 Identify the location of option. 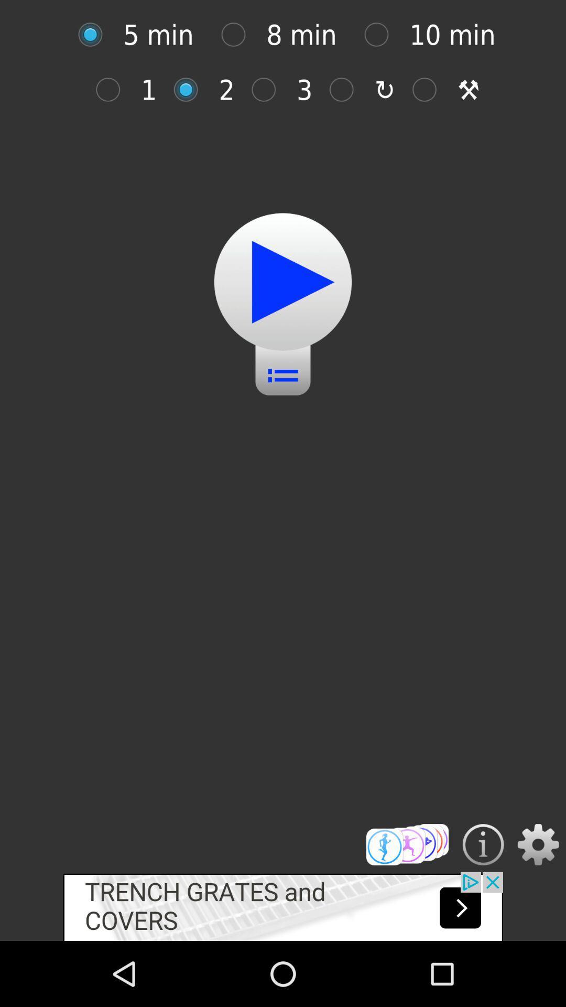
(382, 35).